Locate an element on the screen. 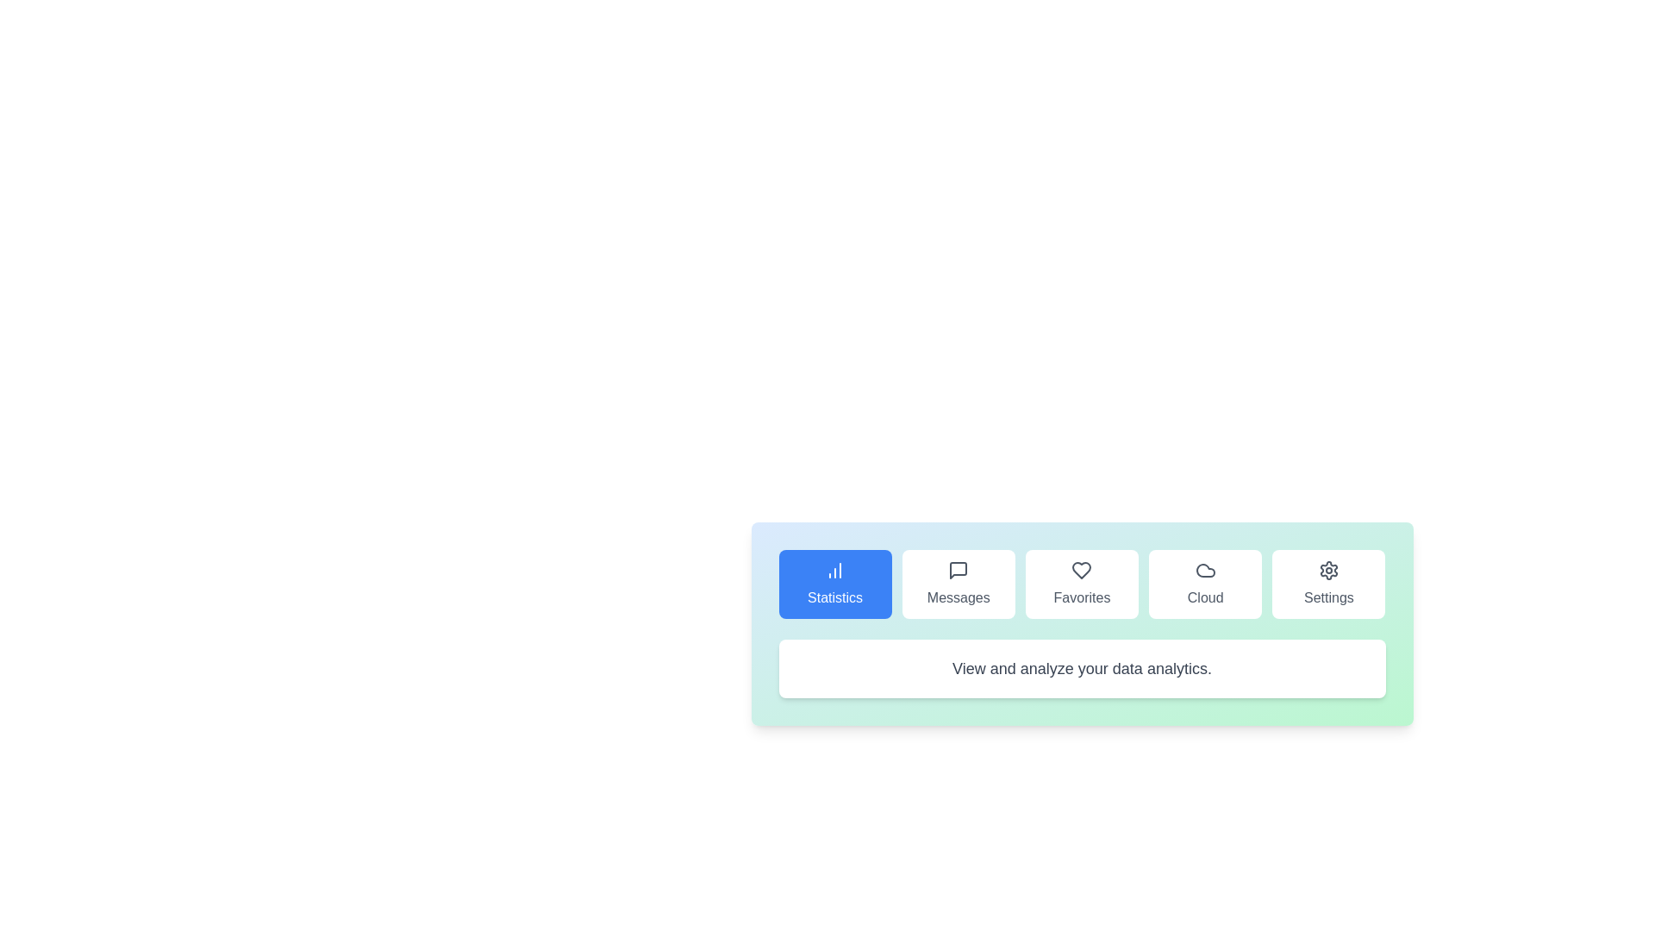  the tab labeled Favorites is located at coordinates (1081, 584).